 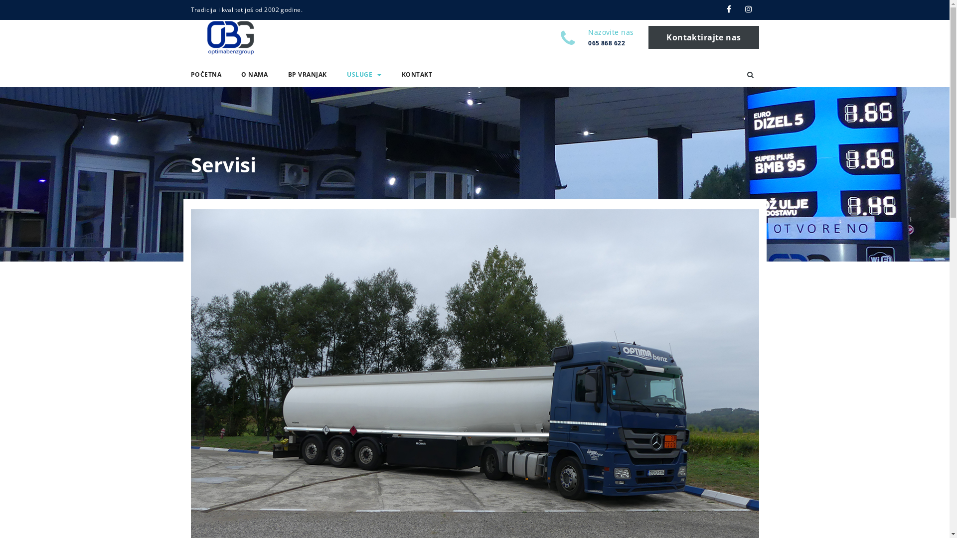 I want to click on 'BP VRANJAK', so click(x=307, y=74).